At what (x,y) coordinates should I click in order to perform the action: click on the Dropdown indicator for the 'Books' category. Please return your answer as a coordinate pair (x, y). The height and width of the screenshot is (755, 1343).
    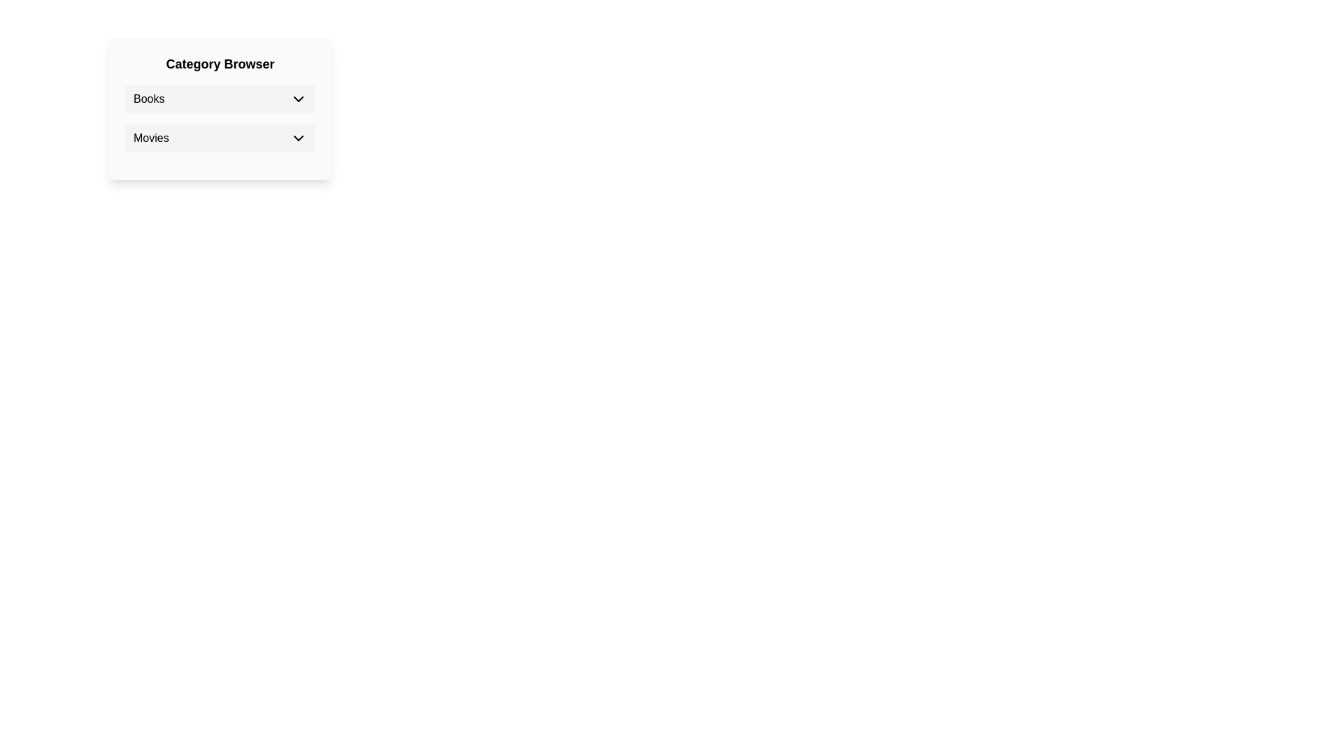
    Looking at the image, I should click on (298, 99).